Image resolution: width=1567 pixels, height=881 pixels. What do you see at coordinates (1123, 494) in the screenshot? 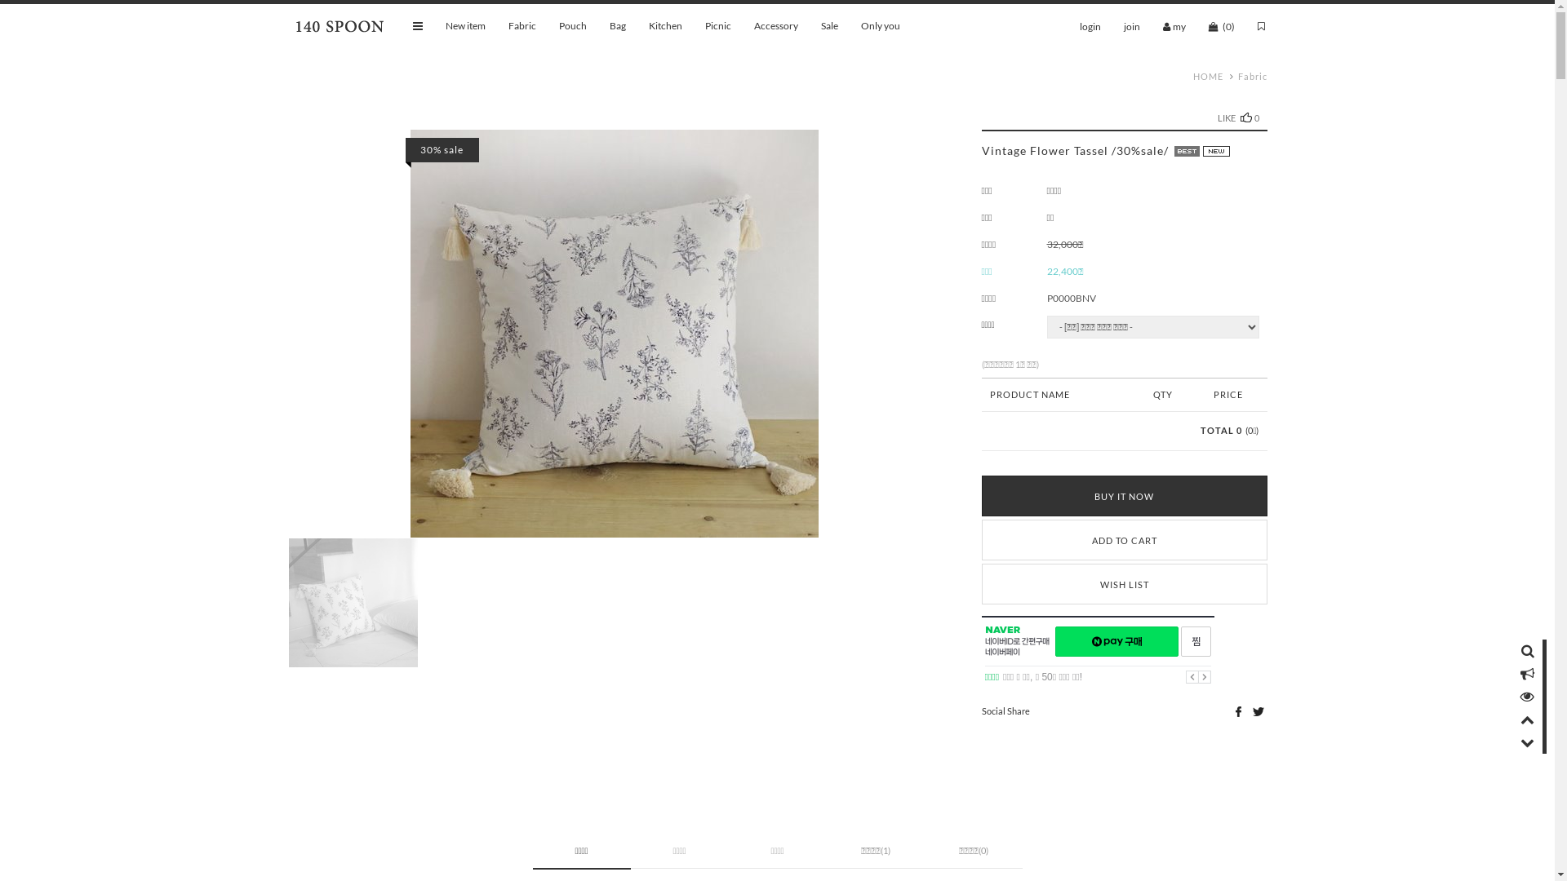
I see `'BUY IT NOW'` at bounding box center [1123, 494].